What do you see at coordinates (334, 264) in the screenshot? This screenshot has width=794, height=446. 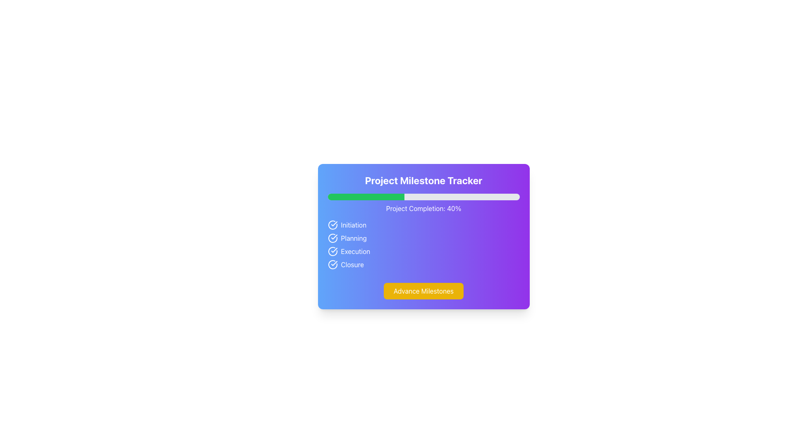 I see `the circular checkmark icon located adjacent to the 'Closure' text, which is the fourth milestone indicator in the vertical list` at bounding box center [334, 264].